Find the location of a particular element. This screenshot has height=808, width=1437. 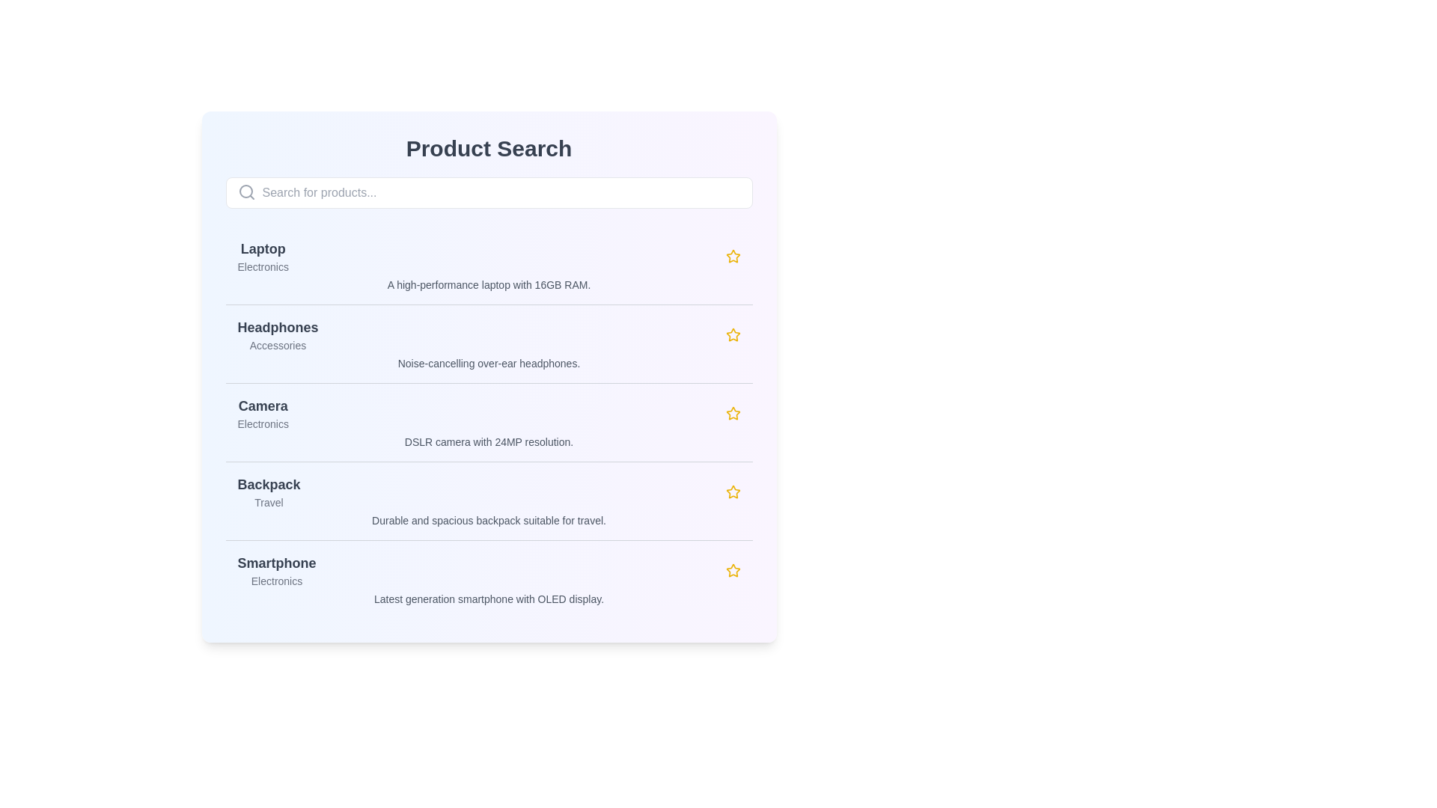

the text label stating 'Durable and spacious backpack suitable for travel', which is located beneath the 'Backpack' title and 'Travel' subtitle is located at coordinates (489, 519).